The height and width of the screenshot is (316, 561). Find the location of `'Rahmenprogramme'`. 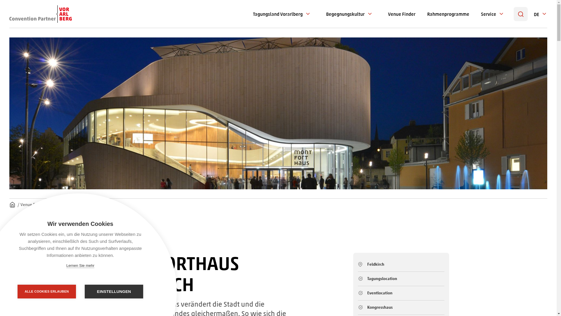

'Rahmenprogramme' is located at coordinates (448, 13).